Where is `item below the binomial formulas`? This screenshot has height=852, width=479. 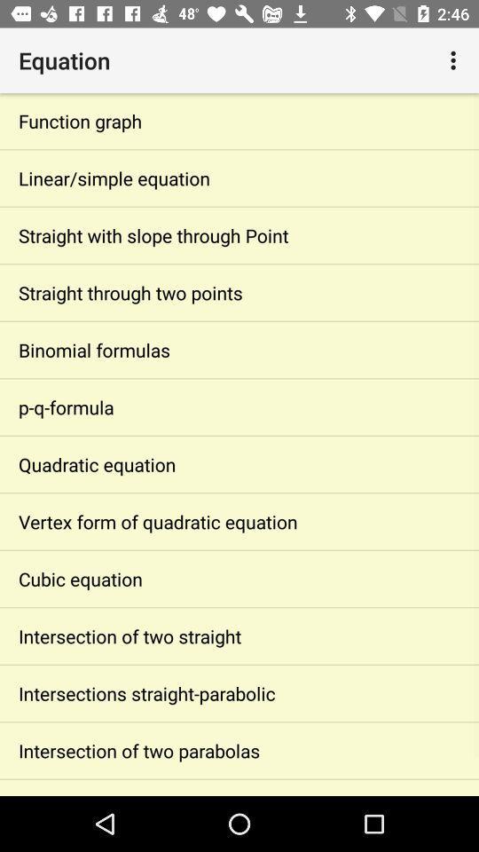 item below the binomial formulas is located at coordinates (239, 406).